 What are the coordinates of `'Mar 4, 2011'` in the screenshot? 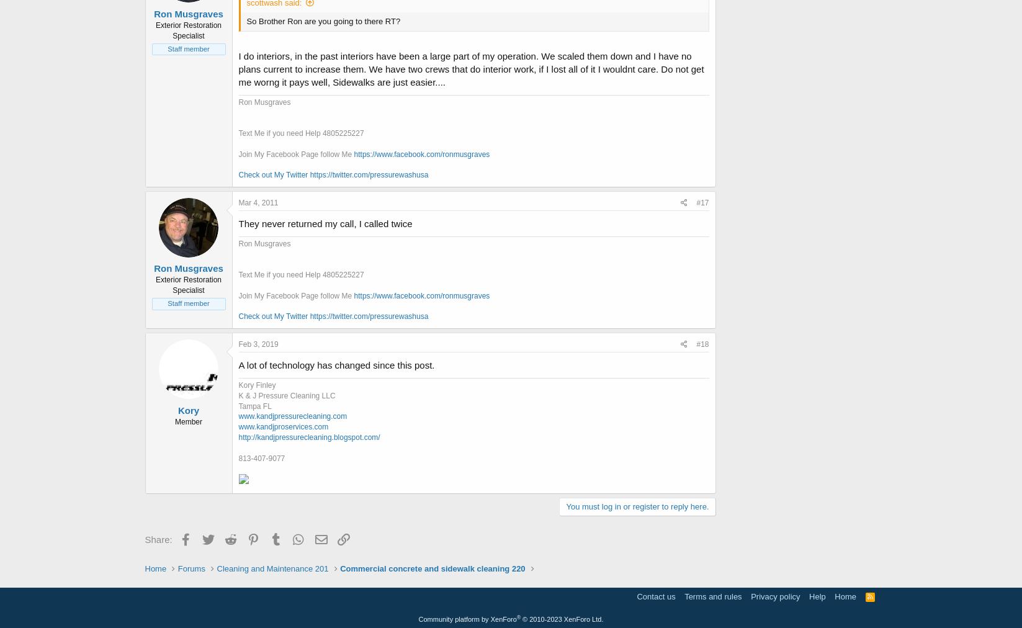 It's located at (238, 201).